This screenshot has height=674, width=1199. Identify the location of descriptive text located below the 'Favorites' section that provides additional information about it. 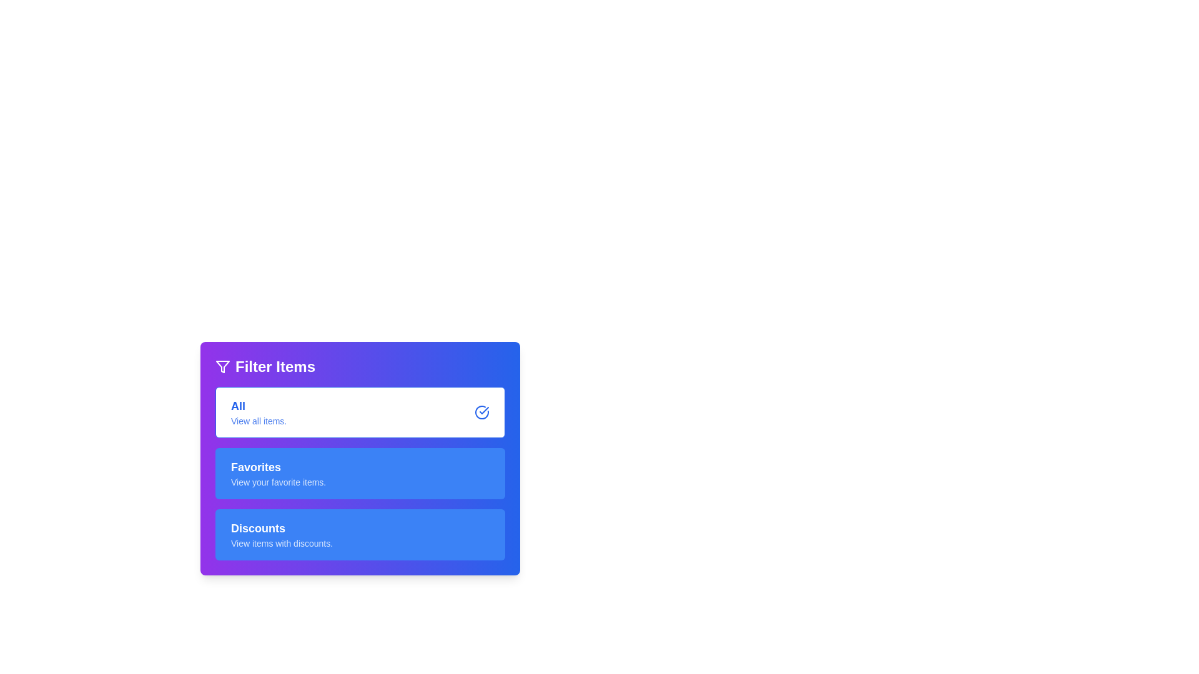
(278, 481).